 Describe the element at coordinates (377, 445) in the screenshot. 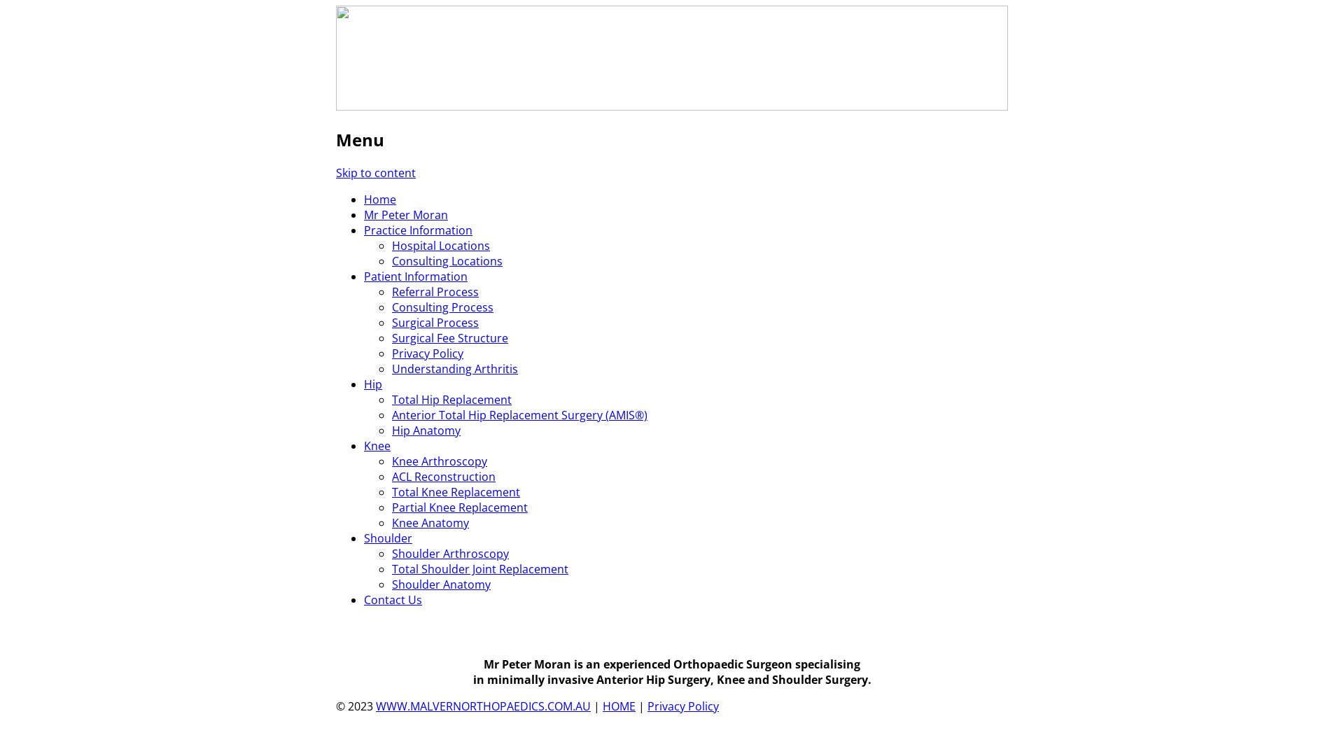

I see `'Knee'` at that location.